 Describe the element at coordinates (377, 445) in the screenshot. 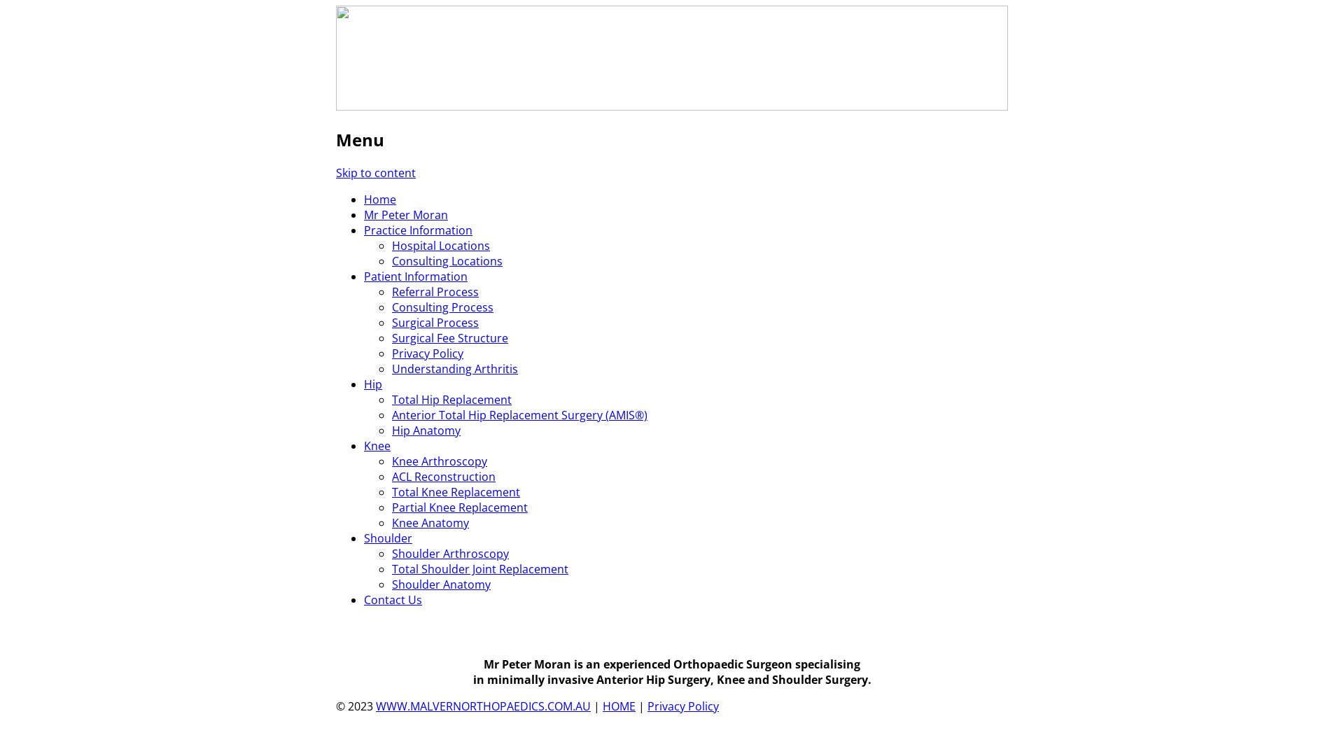

I see `'Knee'` at that location.